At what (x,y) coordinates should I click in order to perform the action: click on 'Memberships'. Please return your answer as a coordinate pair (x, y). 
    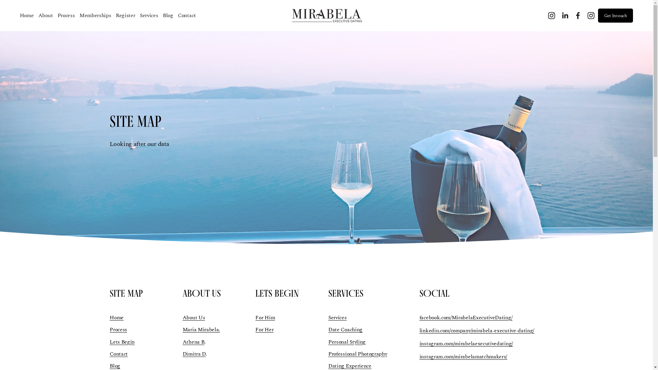
    Looking at the image, I should click on (95, 15).